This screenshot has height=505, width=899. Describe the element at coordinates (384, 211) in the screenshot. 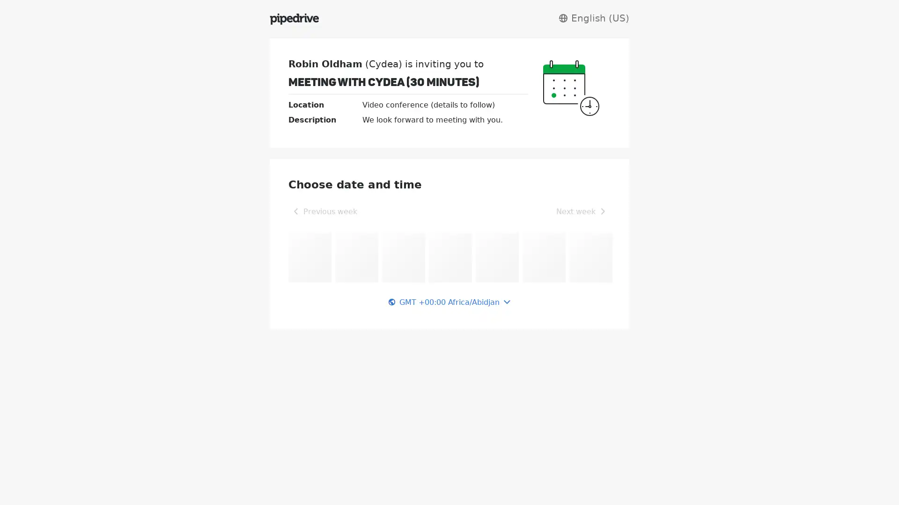

I see `Today` at that location.